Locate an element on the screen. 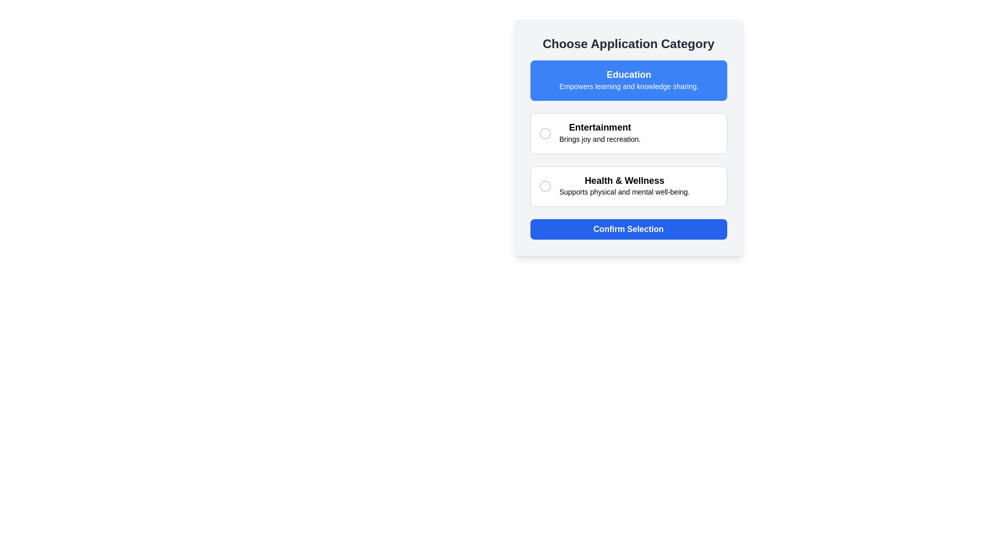  the unselected radio button indicator for the 'Health & Wellness' category, which is located at the top left of its card, directly to the left of the category title is located at coordinates (544, 186).